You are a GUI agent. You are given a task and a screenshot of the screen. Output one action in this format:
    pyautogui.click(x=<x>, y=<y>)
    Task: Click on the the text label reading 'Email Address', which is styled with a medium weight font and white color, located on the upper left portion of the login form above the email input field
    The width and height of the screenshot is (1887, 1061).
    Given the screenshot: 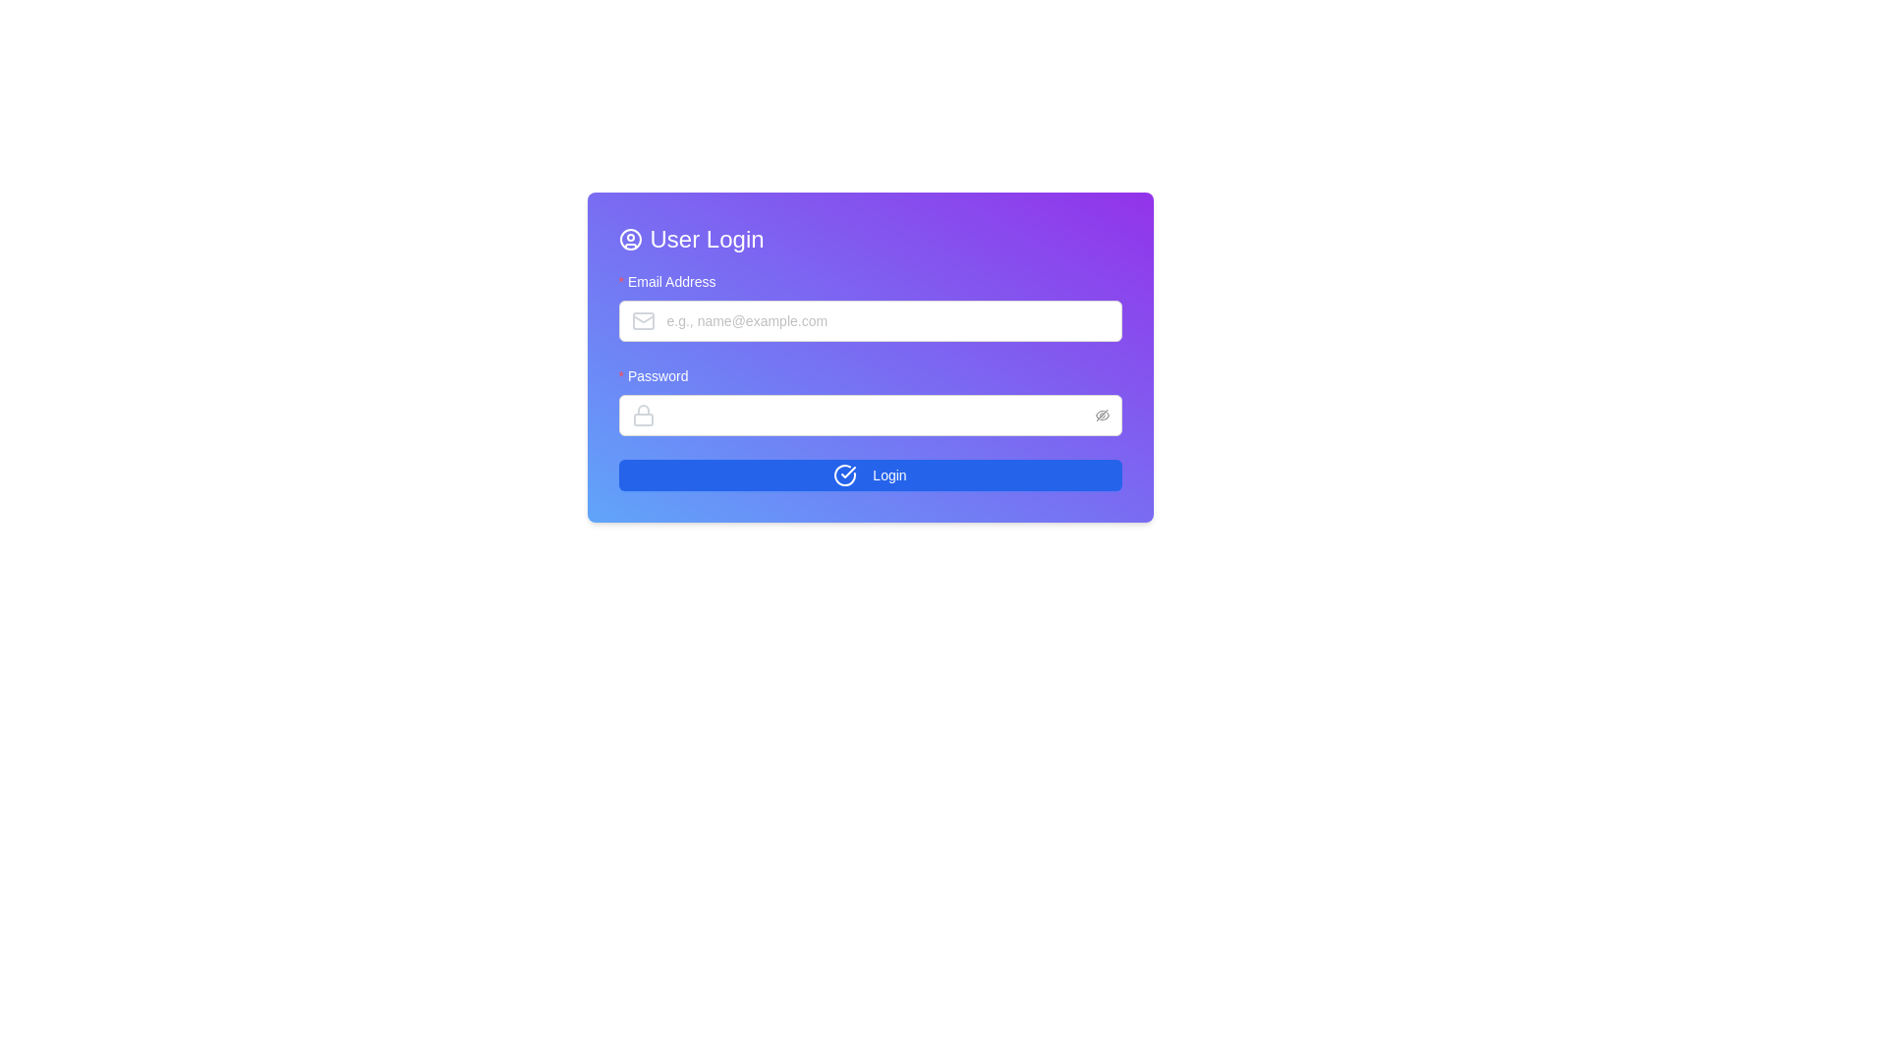 What is the action you would take?
    pyautogui.click(x=671, y=281)
    